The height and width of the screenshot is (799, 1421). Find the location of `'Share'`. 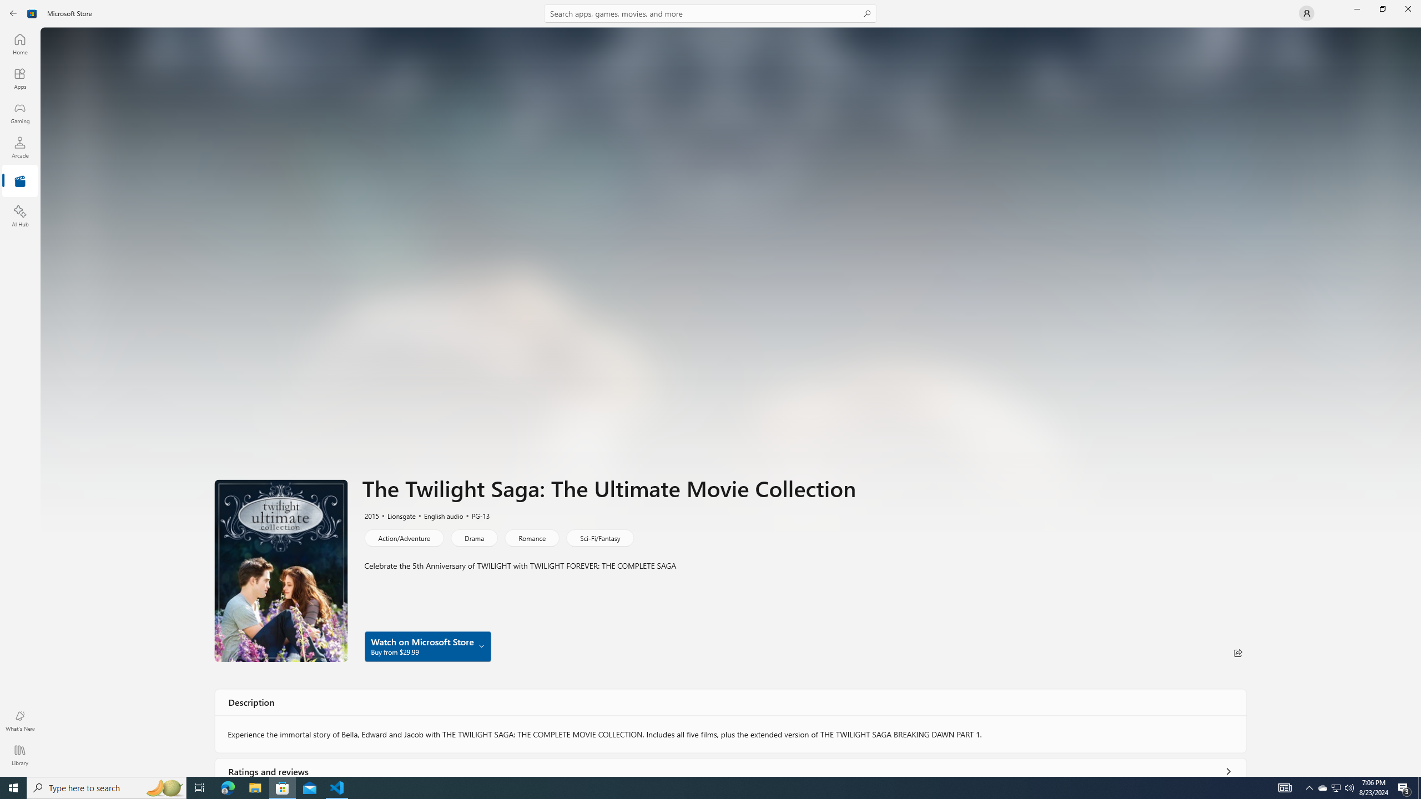

'Share' is located at coordinates (1237, 652).